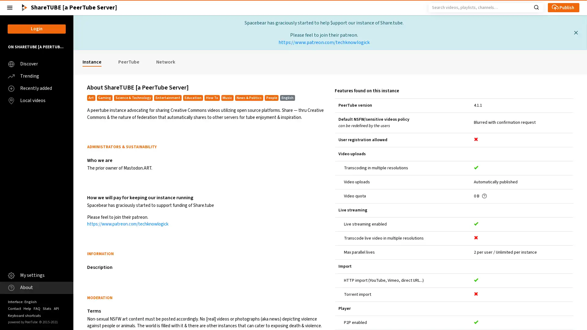 This screenshot has height=330, width=587. Describe the element at coordinates (10, 7) in the screenshot. I see `Close the left menu` at that location.